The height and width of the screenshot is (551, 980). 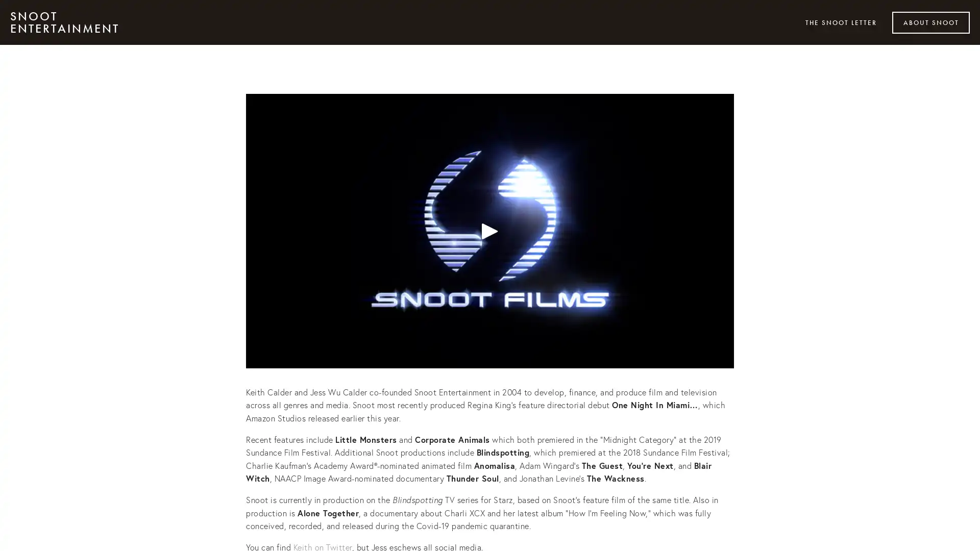 I want to click on Play, so click(x=490, y=230).